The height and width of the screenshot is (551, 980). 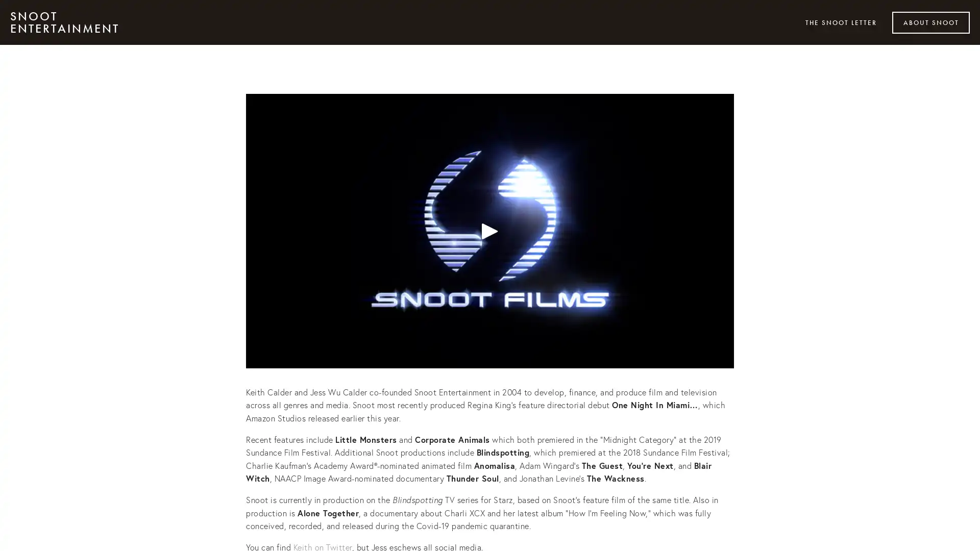 I want to click on Play, so click(x=490, y=230).